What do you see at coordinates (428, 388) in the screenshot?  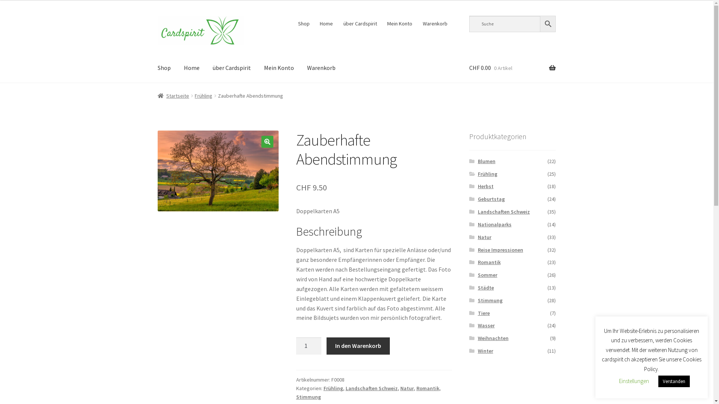 I see `'Romantik'` at bounding box center [428, 388].